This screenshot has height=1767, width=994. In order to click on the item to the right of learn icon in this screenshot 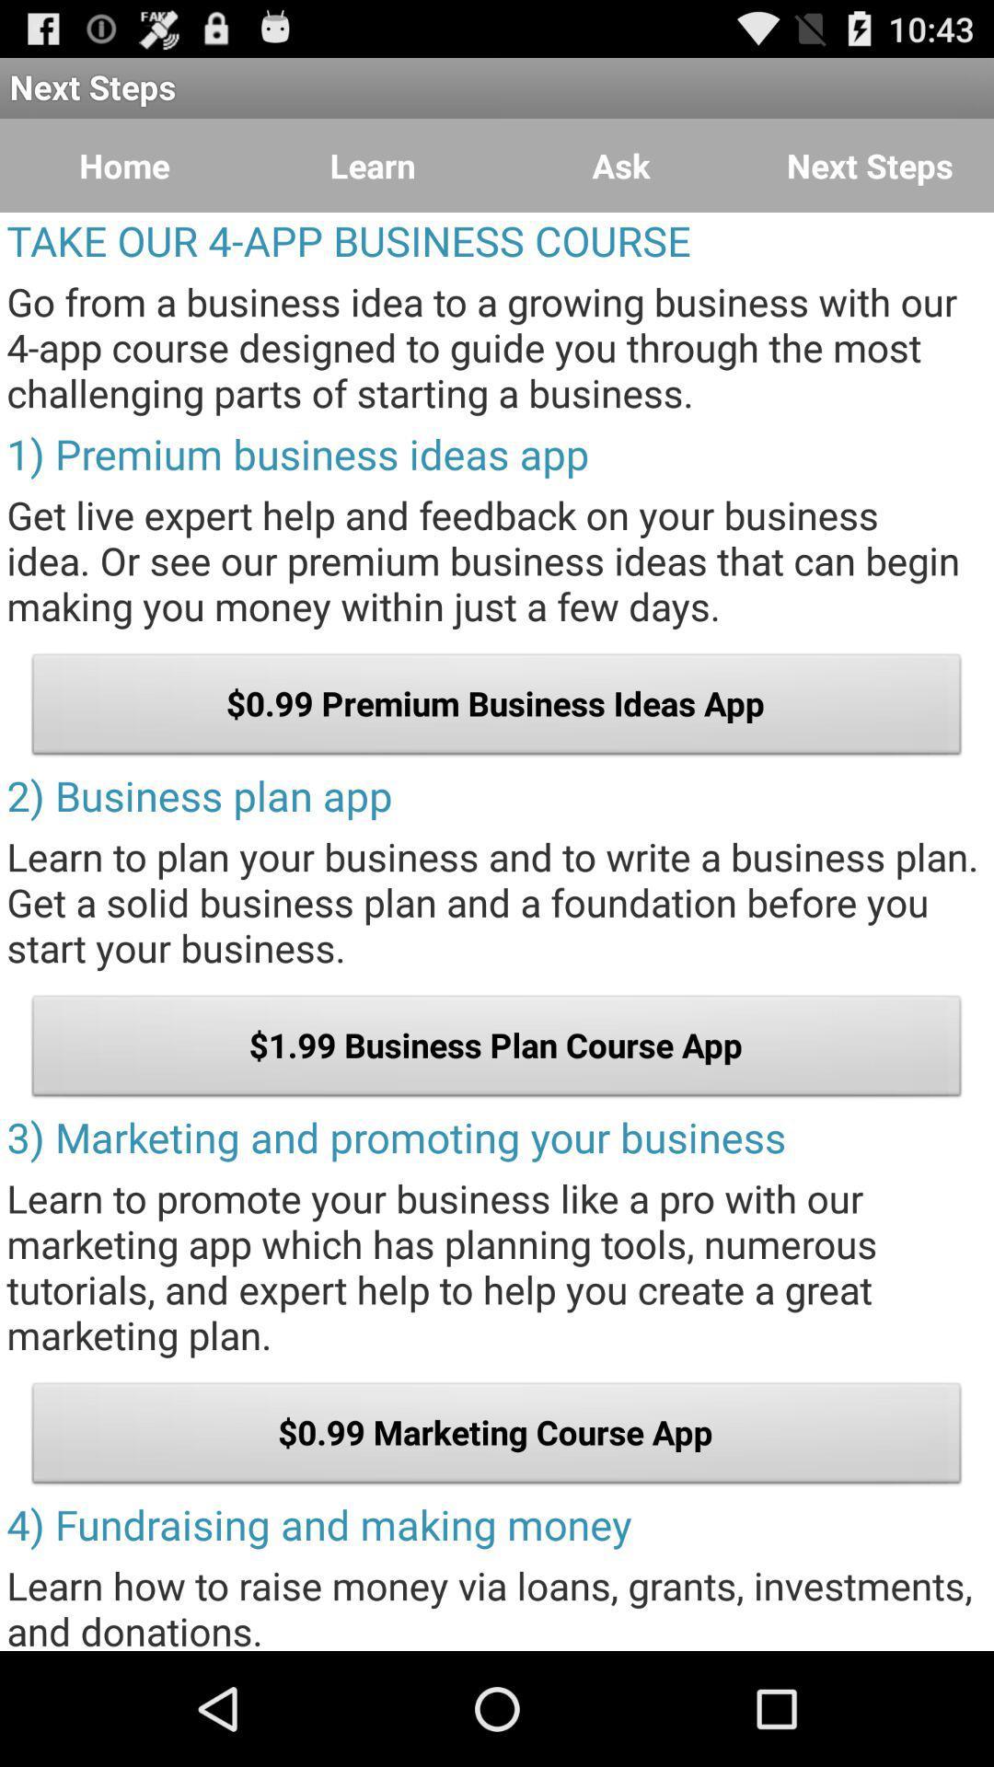, I will do `click(621, 166)`.